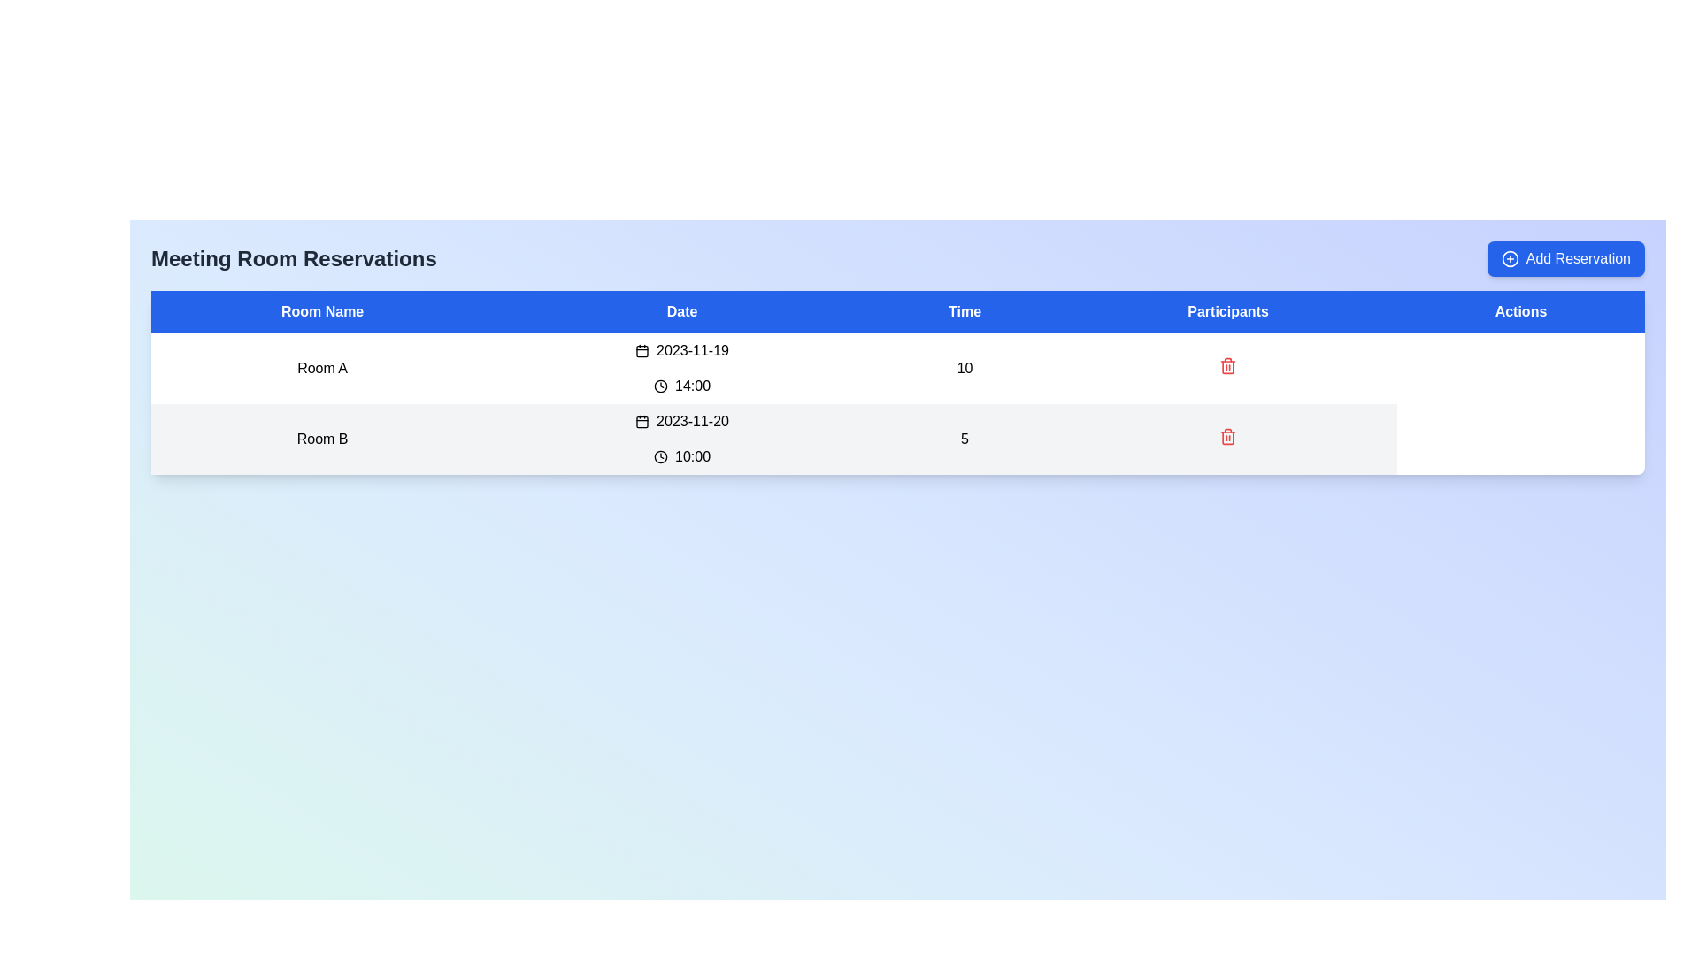 The width and height of the screenshot is (1699, 955). I want to click on the calendar icon element in the 'Date' column of the second row, which visually indicates the date selection functionality, so click(642, 422).